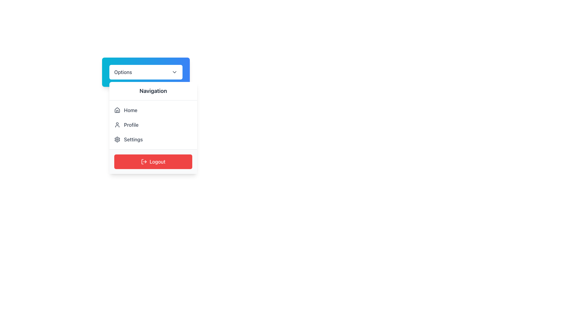 The image size is (585, 329). Describe the element at coordinates (117, 124) in the screenshot. I see `the small profile icon styled as an outline of a person inside a circle, located beside the text 'Profile' in the 'Profile' menu entry` at that location.